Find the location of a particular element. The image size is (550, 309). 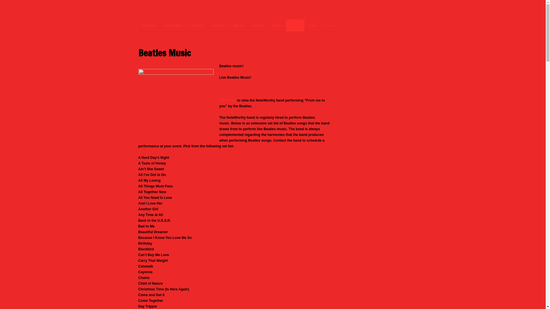

'Pictures' is located at coordinates (257, 25).